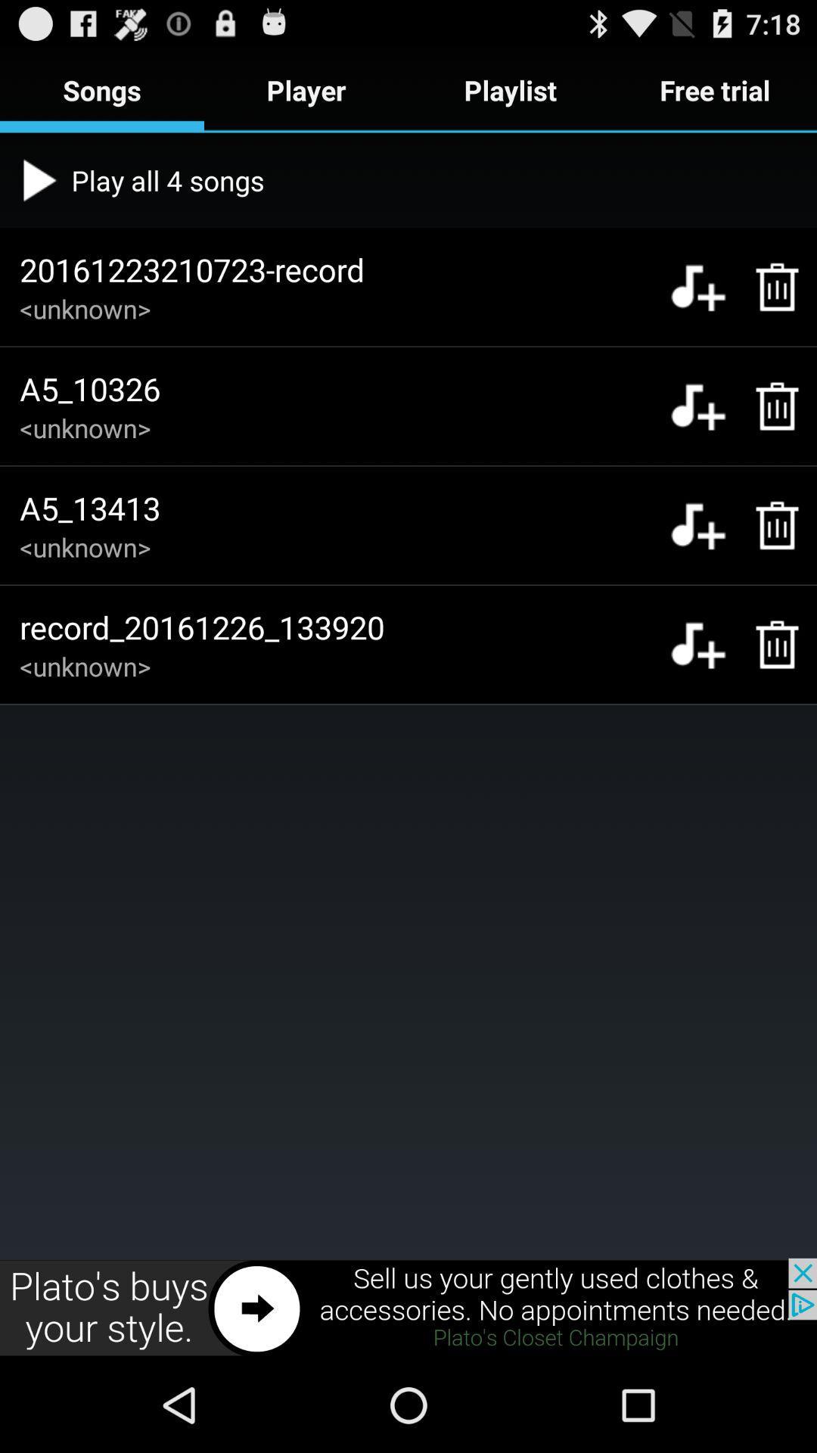  Describe the element at coordinates (697, 525) in the screenshot. I see `music` at that location.